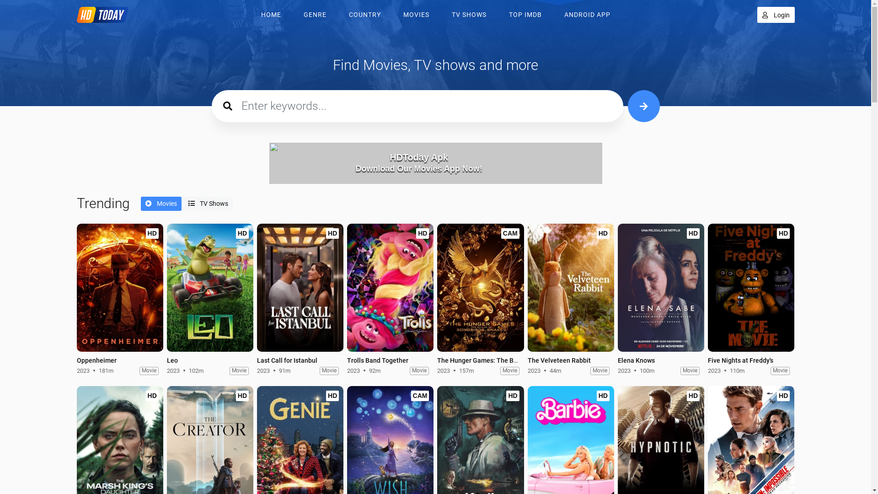 The image size is (878, 494). I want to click on 'TOP IMDB', so click(525, 15).